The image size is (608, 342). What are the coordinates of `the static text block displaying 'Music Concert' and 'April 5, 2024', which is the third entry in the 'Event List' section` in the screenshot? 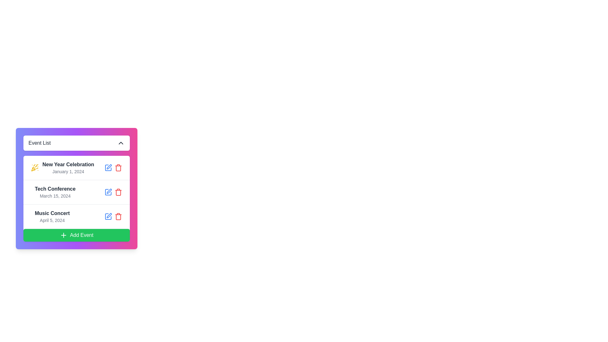 It's located at (50, 216).